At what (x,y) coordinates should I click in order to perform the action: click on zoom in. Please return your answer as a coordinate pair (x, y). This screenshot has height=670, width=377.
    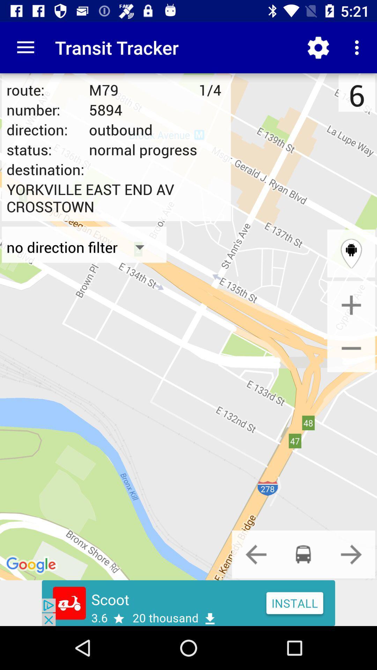
    Looking at the image, I should click on (351, 305).